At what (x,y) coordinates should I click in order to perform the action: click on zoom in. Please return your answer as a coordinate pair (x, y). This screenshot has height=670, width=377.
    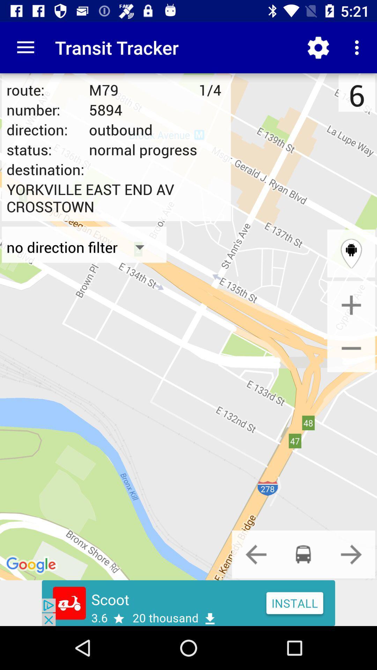
    Looking at the image, I should click on (351, 305).